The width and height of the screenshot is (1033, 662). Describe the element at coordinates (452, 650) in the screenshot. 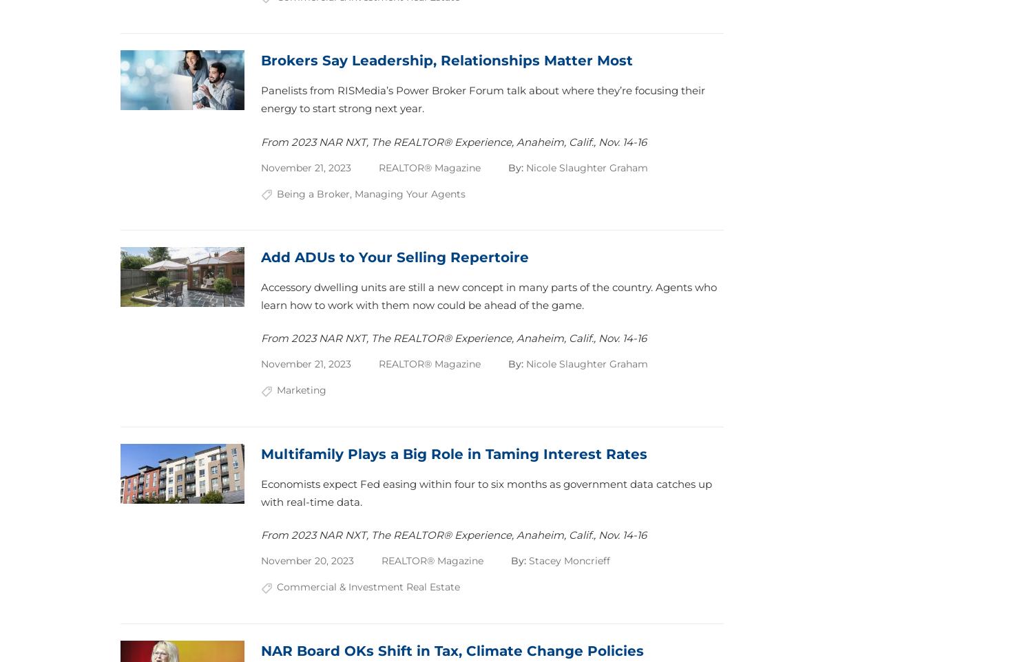

I see `'NAR Board OKs Shift in Tax, Climate Change Policies'` at that location.